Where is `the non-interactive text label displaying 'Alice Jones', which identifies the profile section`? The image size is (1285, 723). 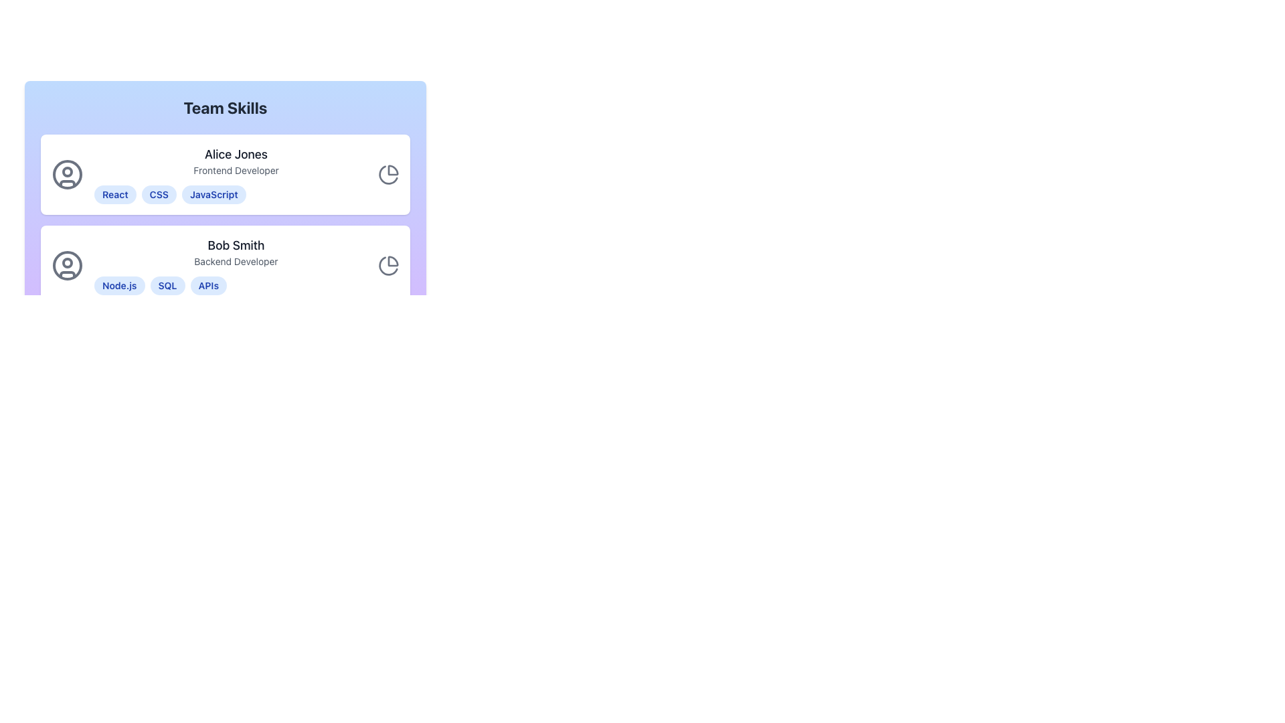
the non-interactive text label displaying 'Alice Jones', which identifies the profile section is located at coordinates (236, 154).